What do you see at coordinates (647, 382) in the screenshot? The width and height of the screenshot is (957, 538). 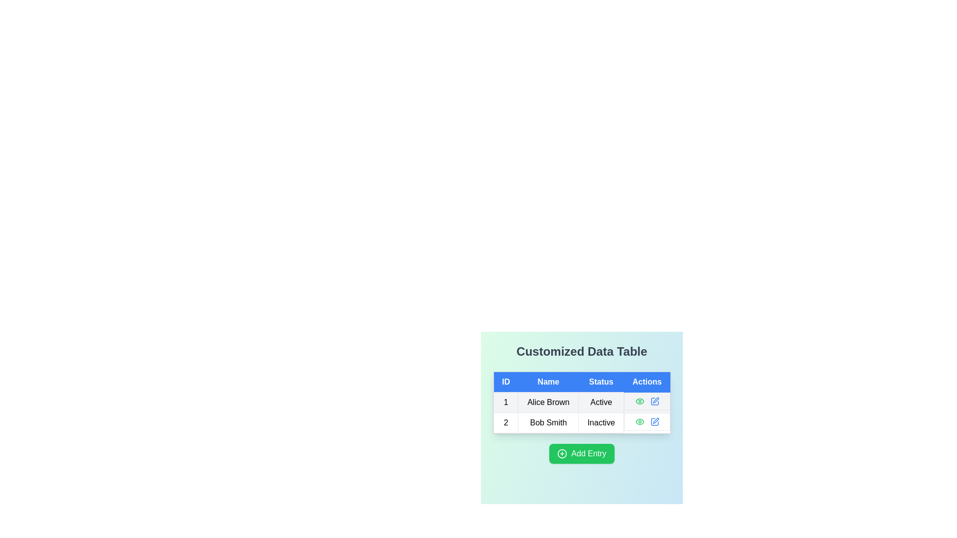 I see `the 'Actions' text label, which is a rectangular label with a blue background and white text, located in the fourth column of the header row of a table` at bounding box center [647, 382].